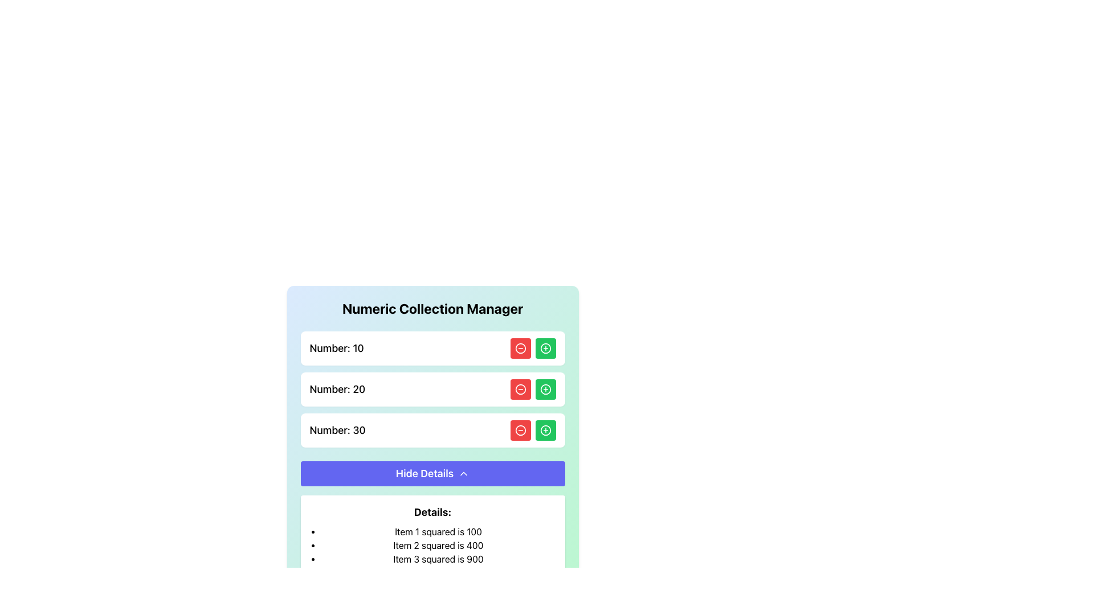 The height and width of the screenshot is (615, 1094). Describe the element at coordinates (520, 388) in the screenshot. I see `the circular red button with a minus icon, located to the right of the text input labeled 'Number: 20'` at that location.